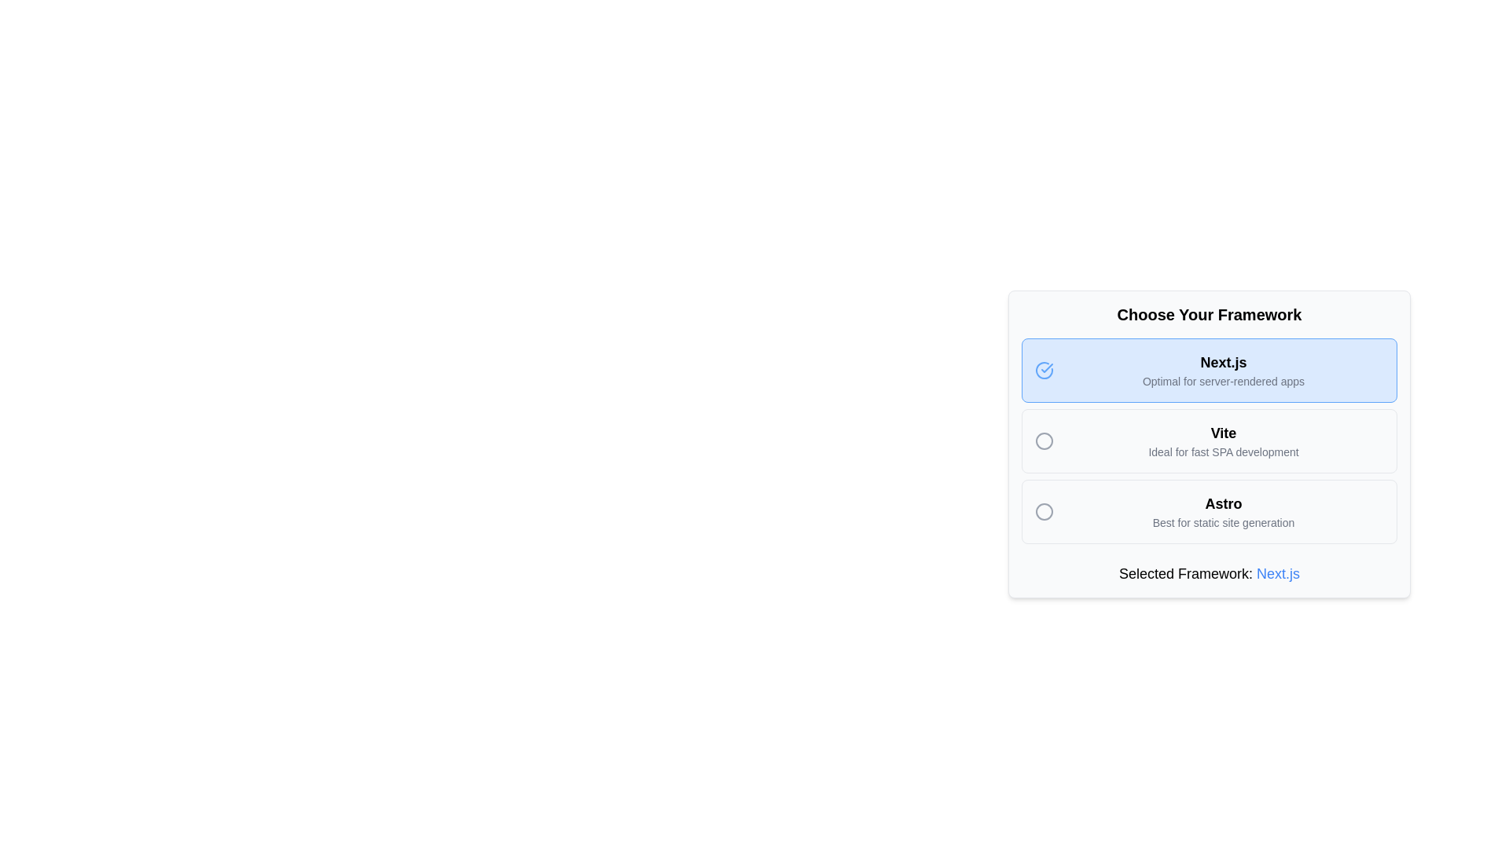 Image resolution: width=1509 pixels, height=848 pixels. What do you see at coordinates (1045, 441) in the screenshot?
I see `the circular gray outline icon` at bounding box center [1045, 441].